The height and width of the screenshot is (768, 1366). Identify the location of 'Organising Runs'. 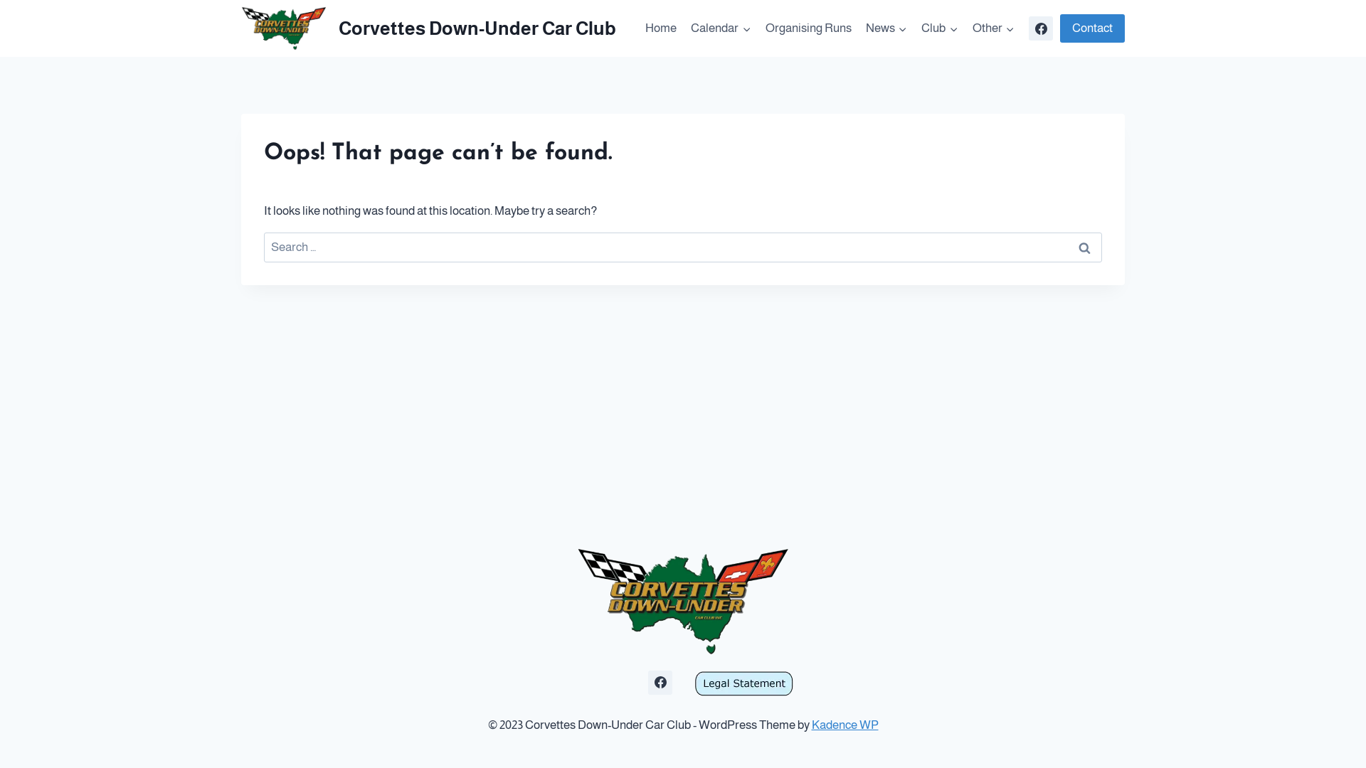
(808, 28).